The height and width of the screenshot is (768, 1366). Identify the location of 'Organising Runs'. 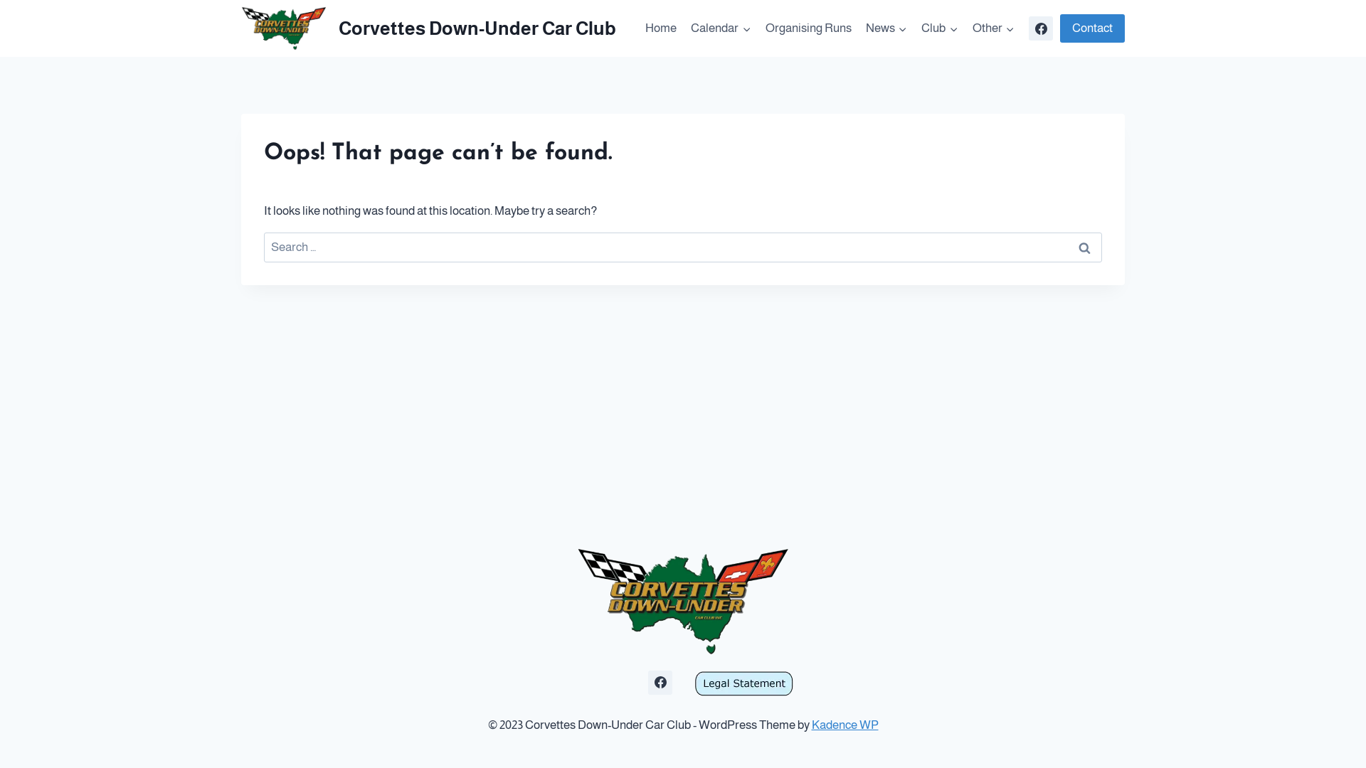
(808, 28).